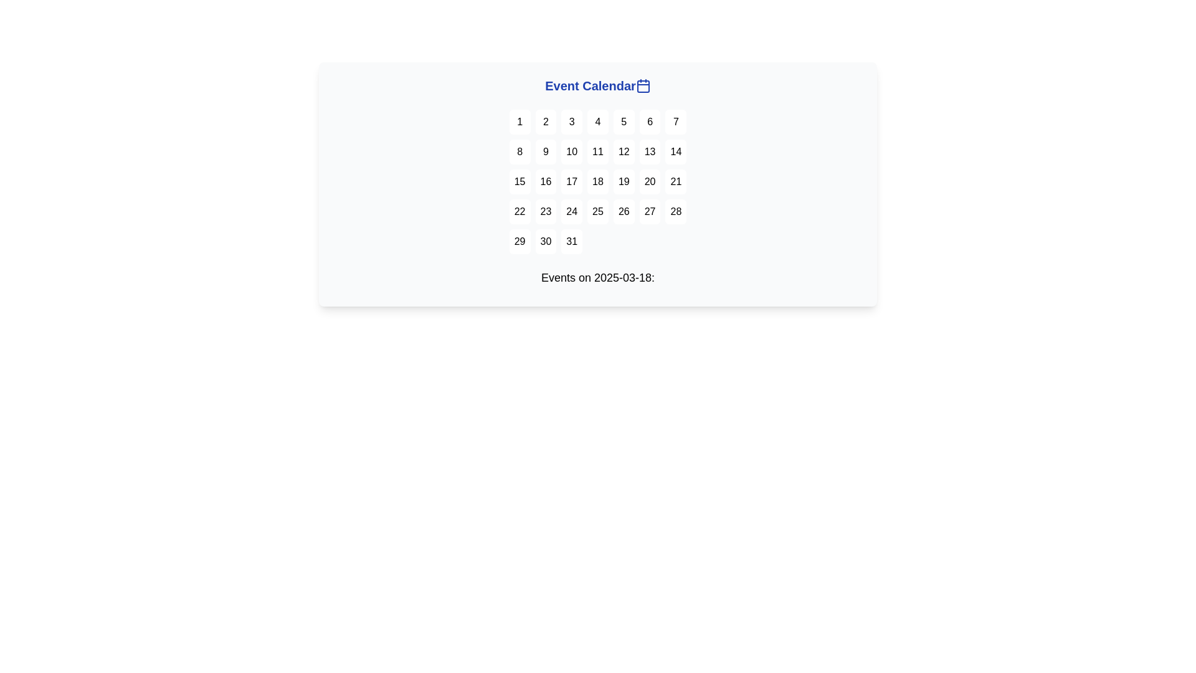 The image size is (1196, 673). What do you see at coordinates (624, 151) in the screenshot?
I see `the interactive button representing the number 12 in the calendar grid` at bounding box center [624, 151].